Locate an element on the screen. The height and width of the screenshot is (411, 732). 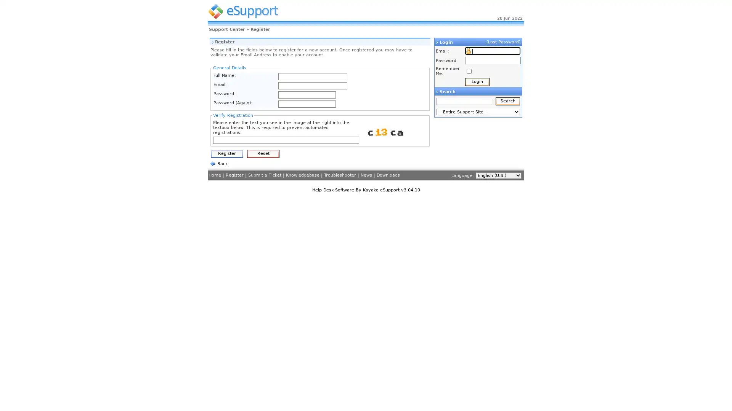
Login is located at coordinates (477, 82).